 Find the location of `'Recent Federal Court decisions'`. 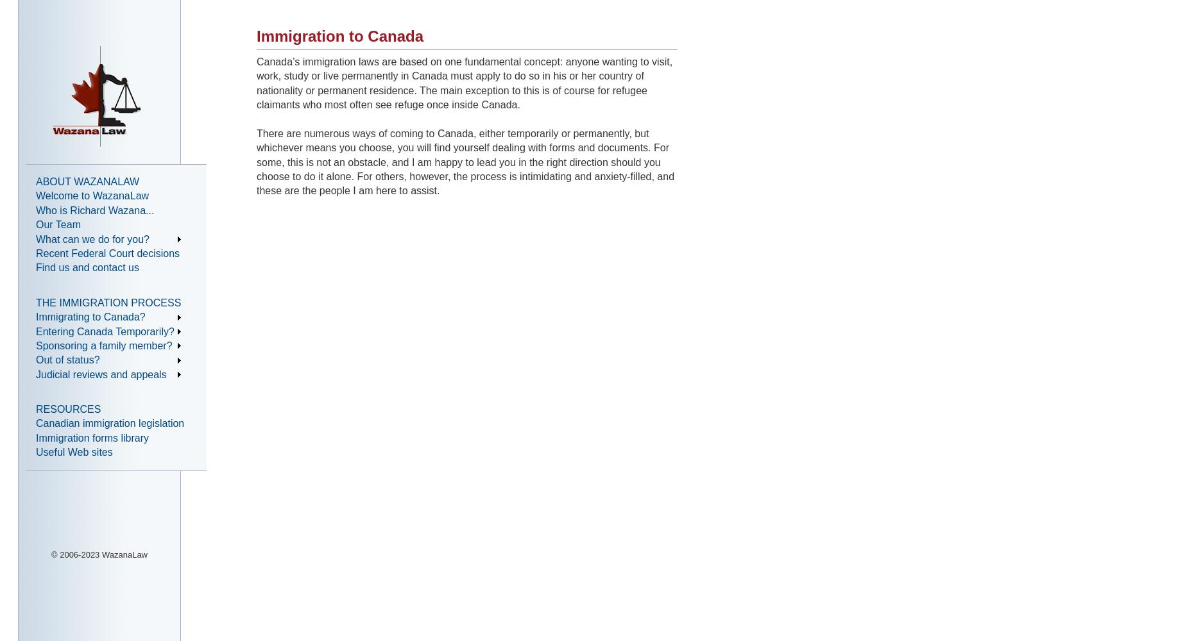

'Recent Federal Court decisions' is located at coordinates (107, 253).